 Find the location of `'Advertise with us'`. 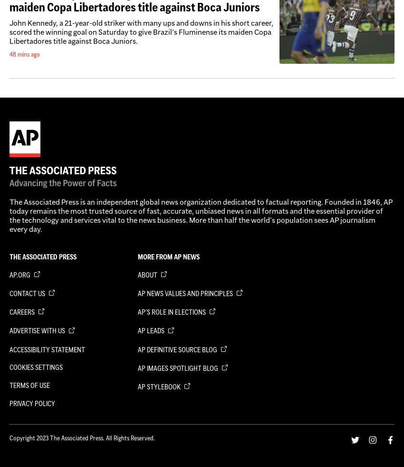

'Advertise with us' is located at coordinates (38, 331).